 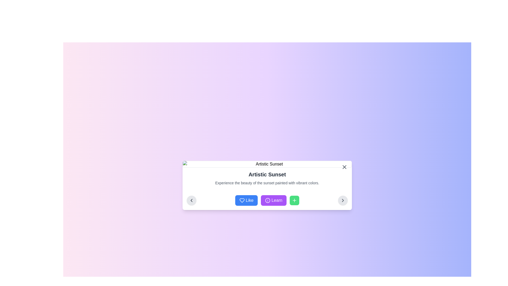 What do you see at coordinates (267, 200) in the screenshot?
I see `the 'Learn' button with a purple background and white text to trigger the tooltip or visual effect` at bounding box center [267, 200].